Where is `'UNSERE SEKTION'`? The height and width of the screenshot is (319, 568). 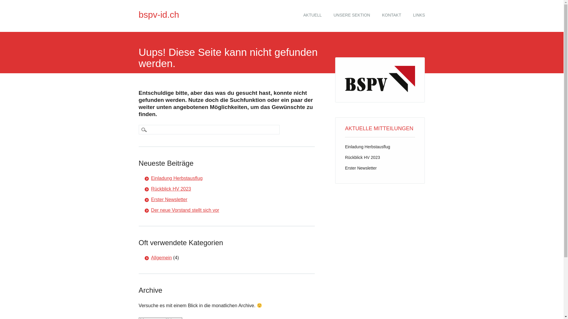 'UNSERE SEKTION' is located at coordinates (352, 14).